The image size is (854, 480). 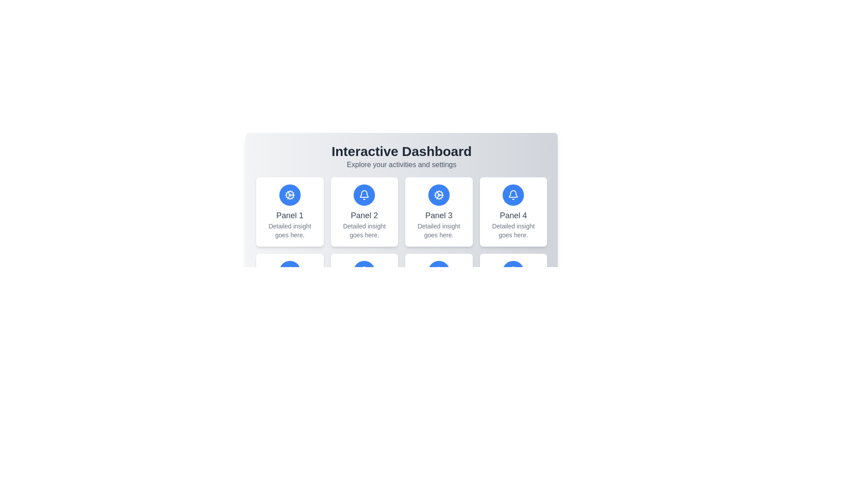 I want to click on the circular icon with a blue background and white bell-shaped symbol located in the center of the tile labeled 'Panel 2' under the 'Interactive Dashboard', so click(x=364, y=195).